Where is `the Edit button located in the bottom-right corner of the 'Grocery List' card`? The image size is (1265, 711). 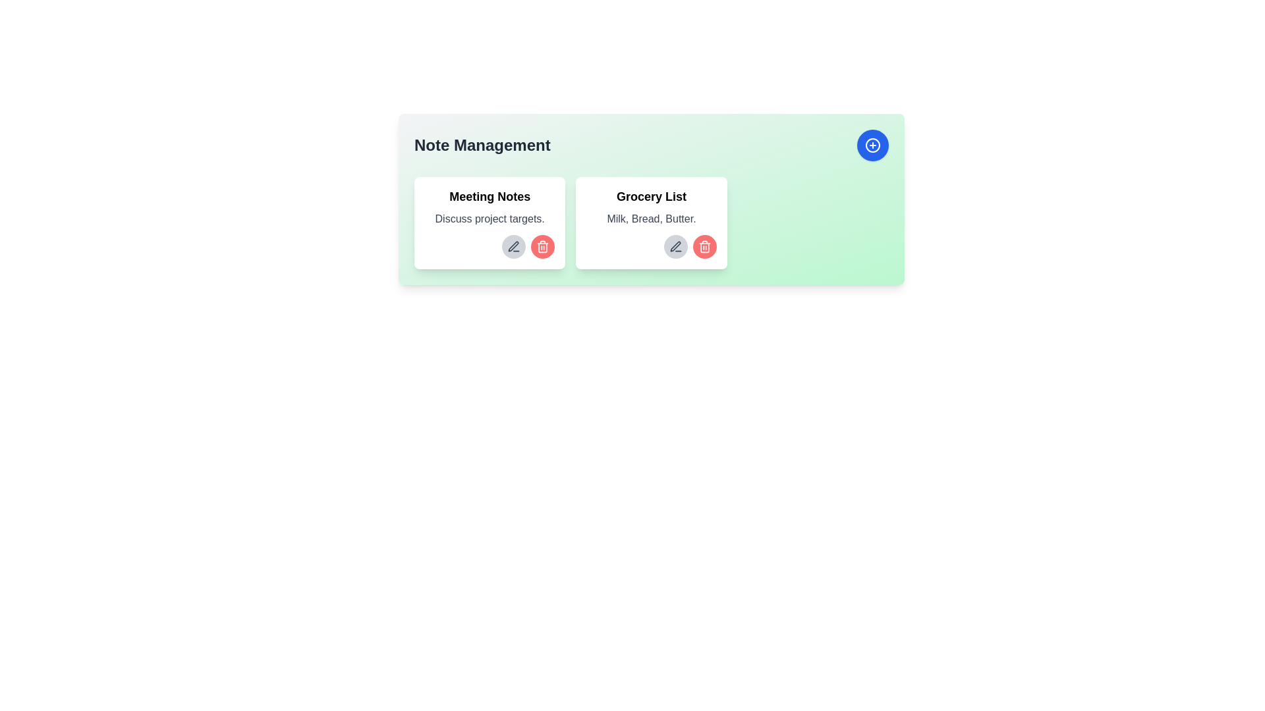 the Edit button located in the bottom-right corner of the 'Grocery List' card is located at coordinates (675, 246).